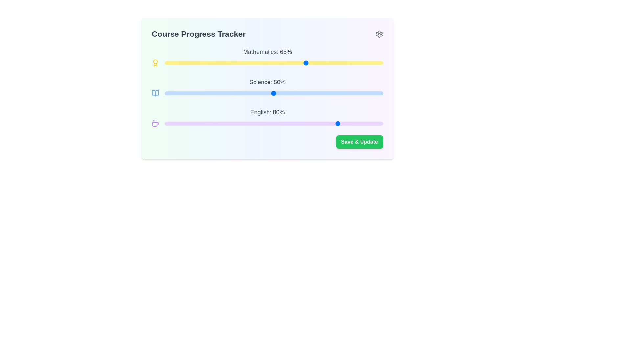 This screenshot has width=631, height=355. I want to click on the Text display element indicating the percentage progress for Mathematics, located in the upper section of the 'Course Progress Tracker' card, so click(268, 52).